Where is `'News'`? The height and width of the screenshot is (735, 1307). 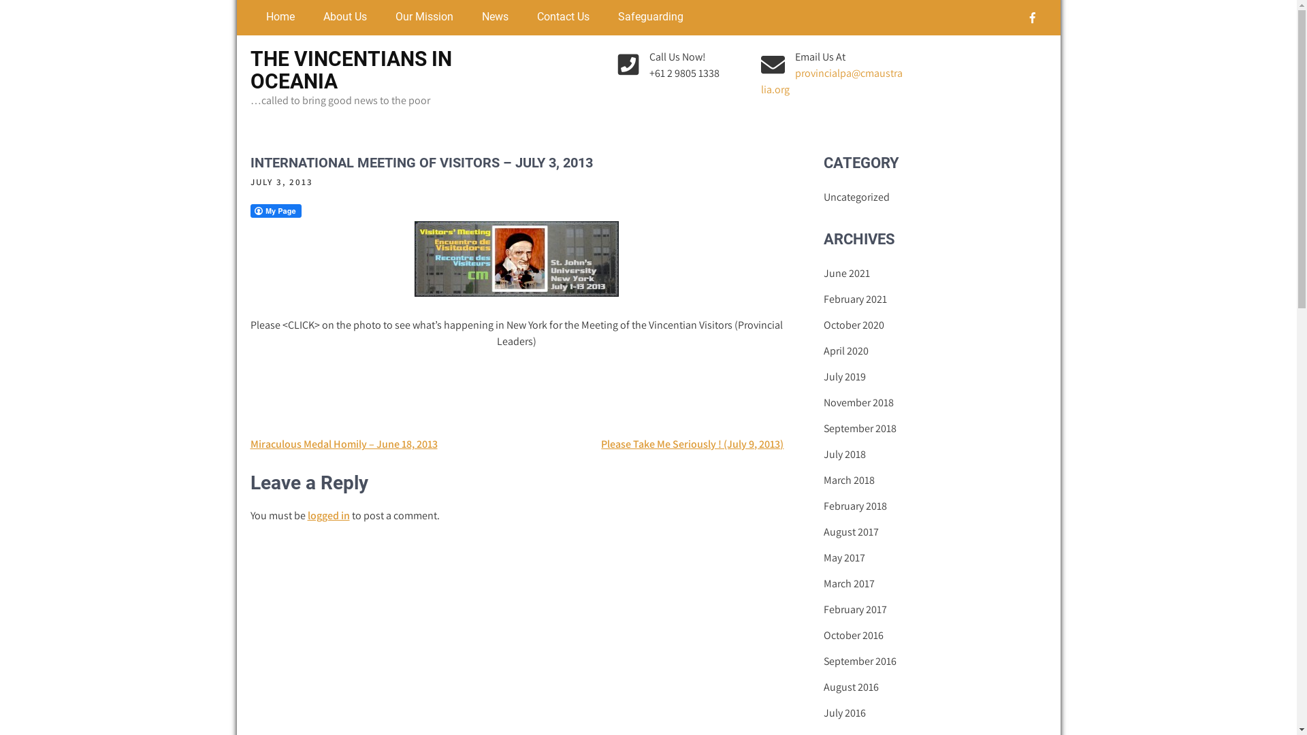 'News' is located at coordinates (466, 17).